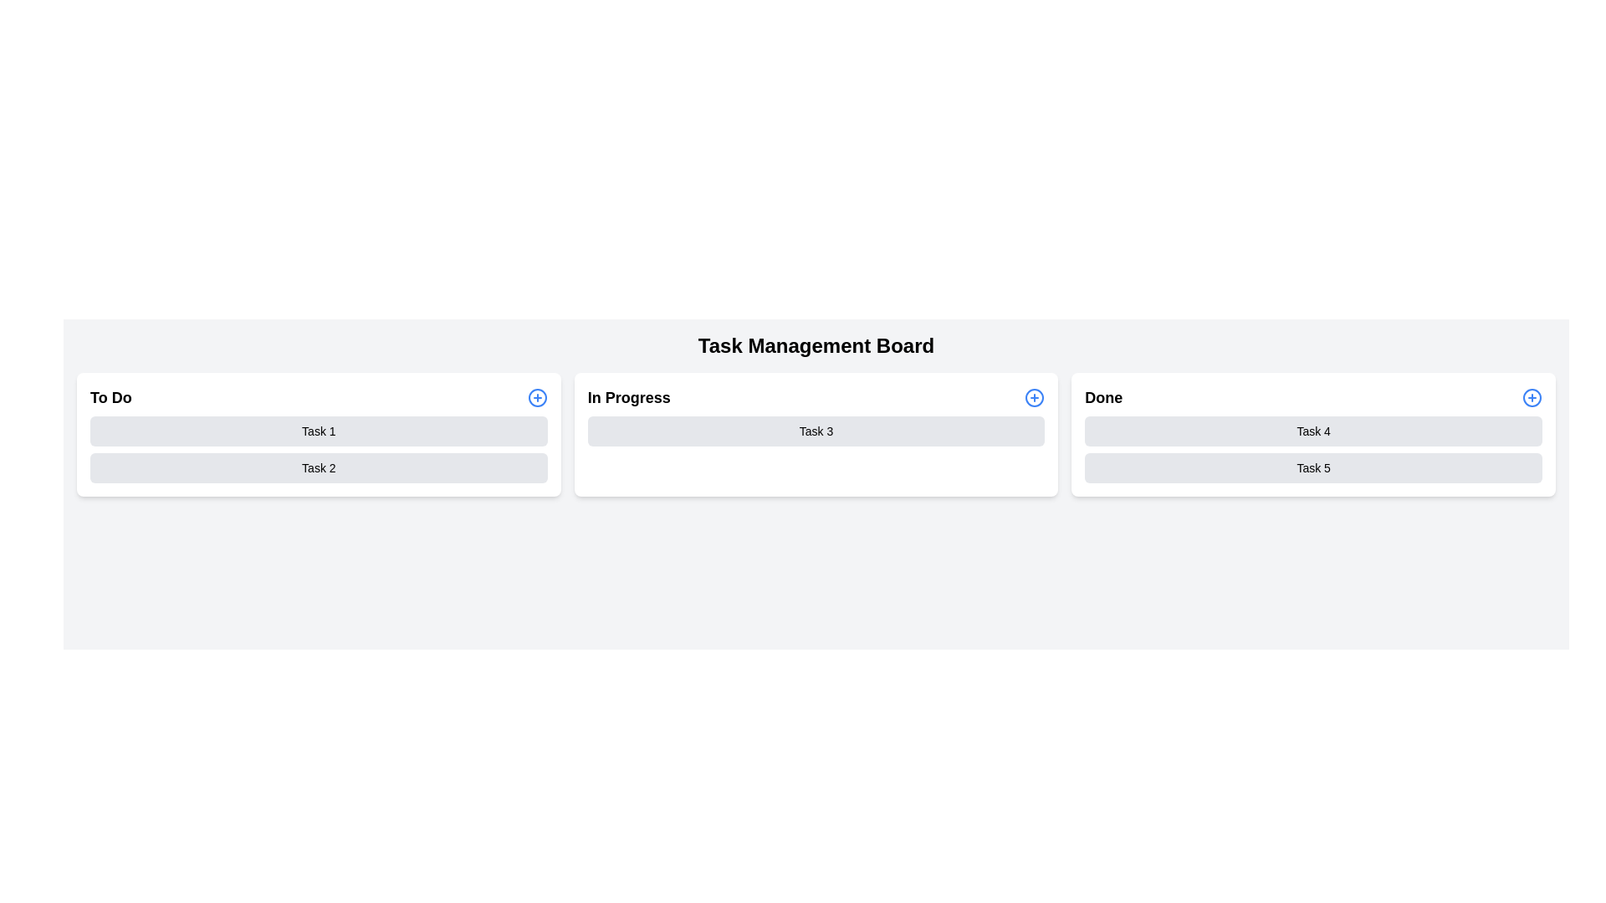  I want to click on the task card labeled 'Task 3' from the 'In Progress' column, so click(816, 431).